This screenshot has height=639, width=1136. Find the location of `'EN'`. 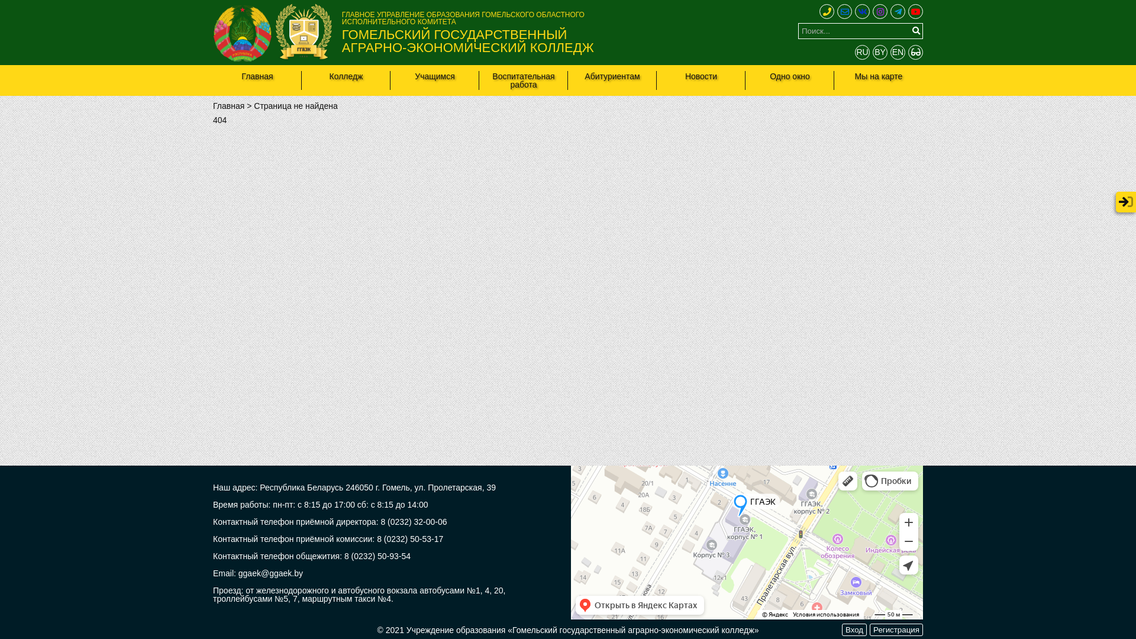

'EN' is located at coordinates (898, 51).